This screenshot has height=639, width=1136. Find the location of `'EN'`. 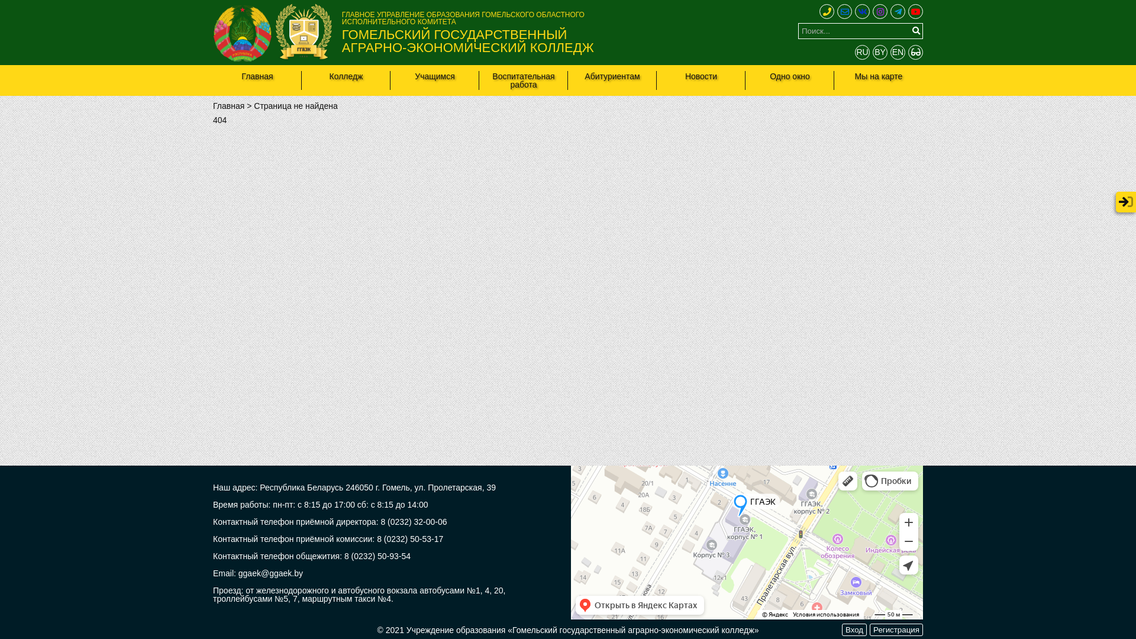

'EN' is located at coordinates (898, 51).